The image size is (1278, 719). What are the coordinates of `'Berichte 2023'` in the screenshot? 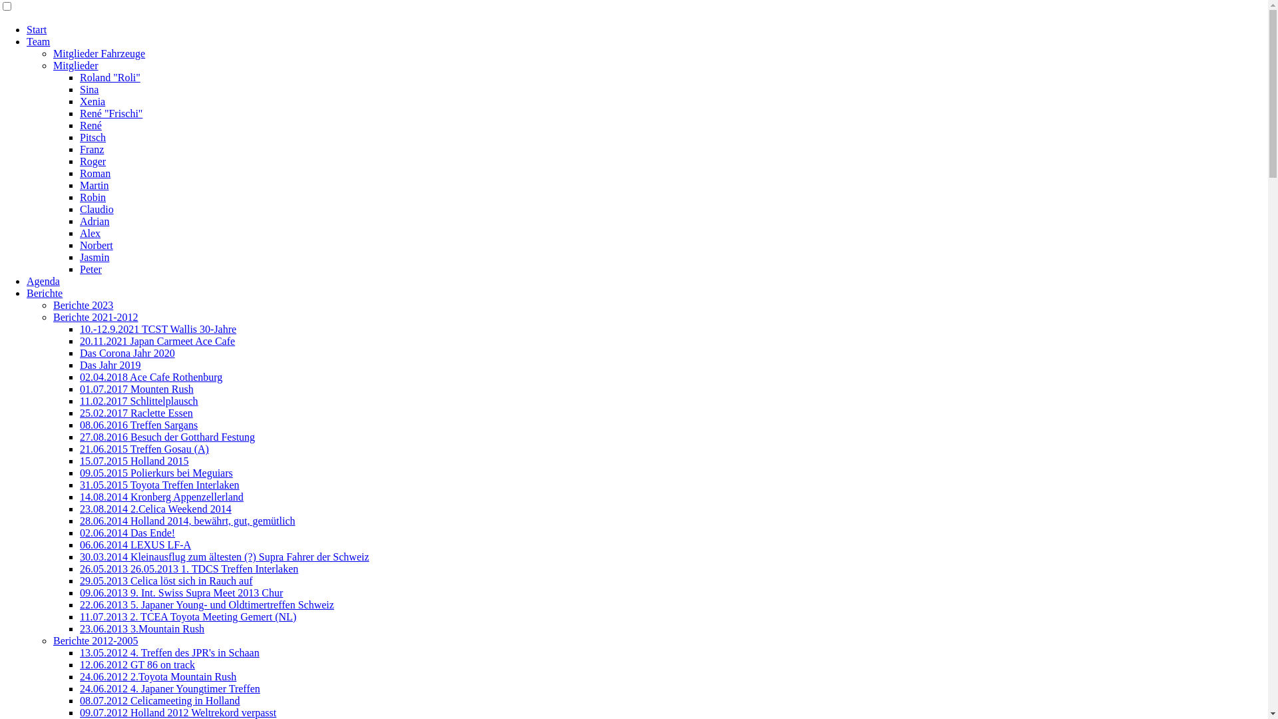 It's located at (53, 305).